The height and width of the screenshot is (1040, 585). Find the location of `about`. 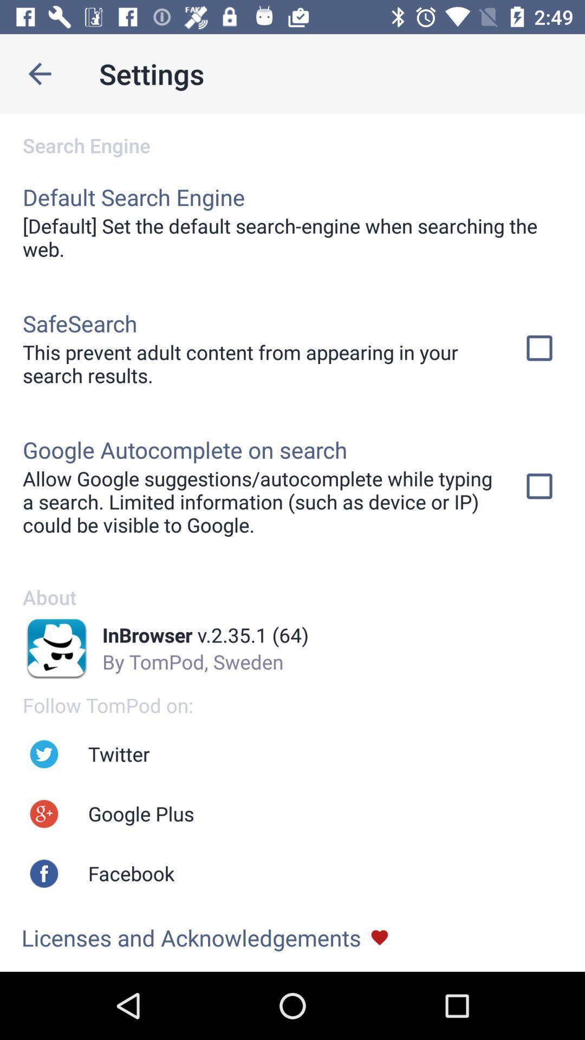

about is located at coordinates (292, 585).